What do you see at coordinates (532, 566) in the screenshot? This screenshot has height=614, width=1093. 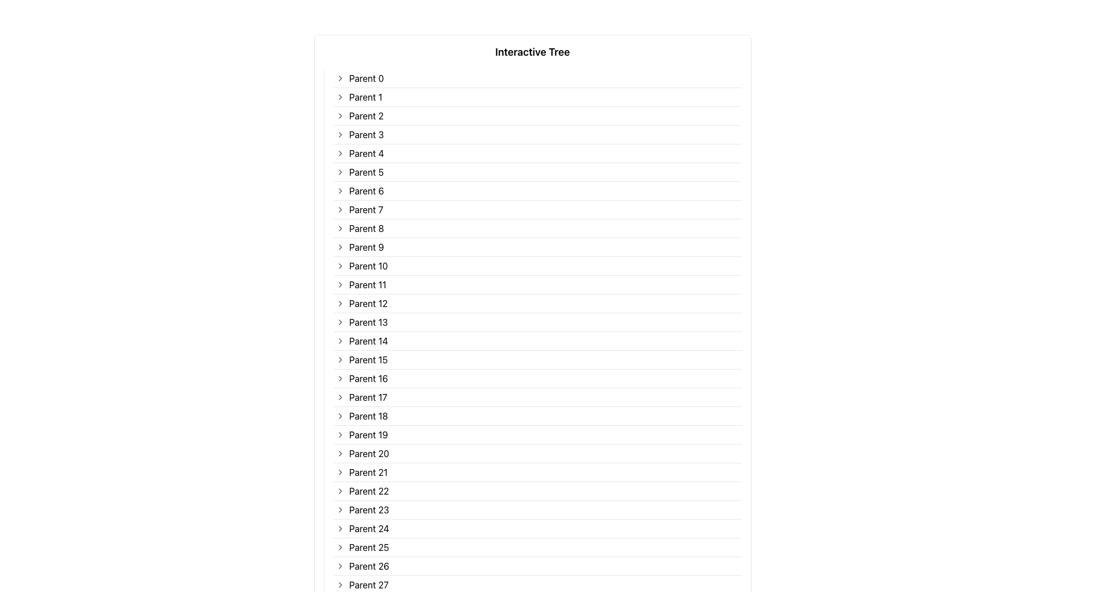 I see `the 27th Hierarchical Tree Item in the list` at bounding box center [532, 566].